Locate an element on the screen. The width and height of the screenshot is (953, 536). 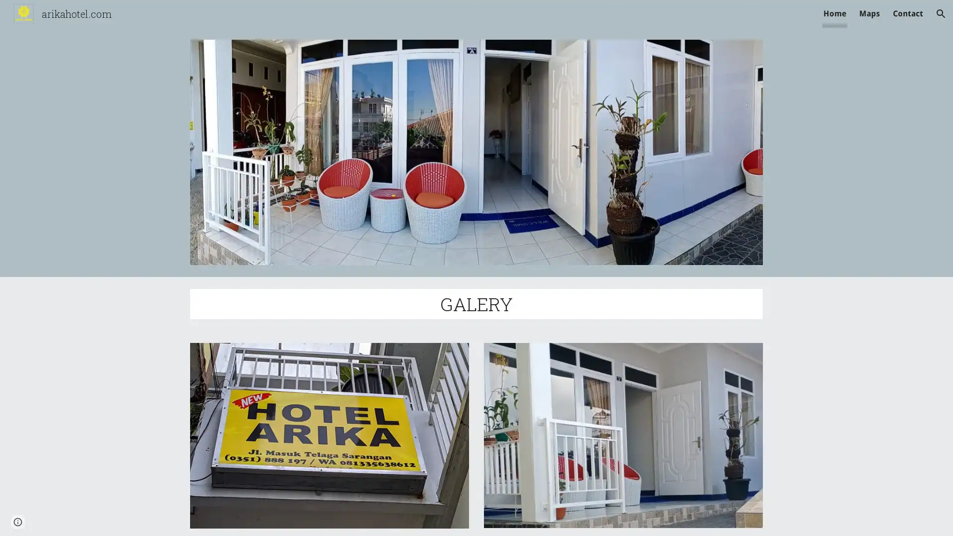
Google Sites is located at coordinates (76, 518).